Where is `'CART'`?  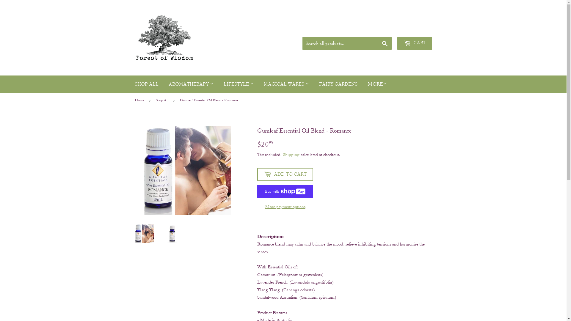 'CART' is located at coordinates (414, 43).